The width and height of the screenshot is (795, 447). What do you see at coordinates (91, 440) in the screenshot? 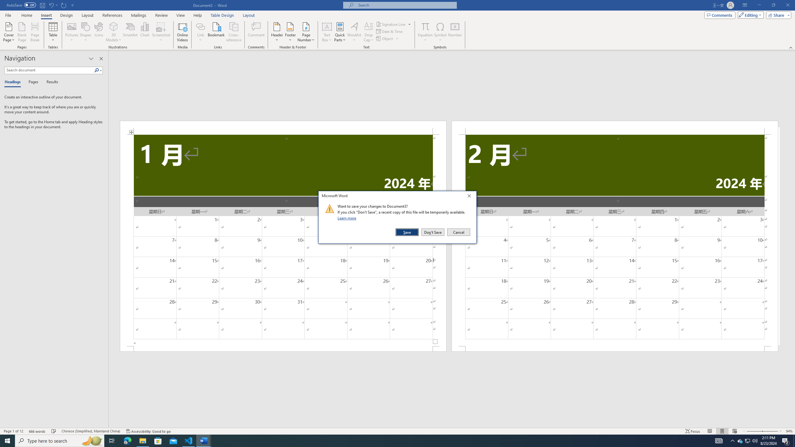
I see `'Search highlights icon opens search home window'` at bounding box center [91, 440].